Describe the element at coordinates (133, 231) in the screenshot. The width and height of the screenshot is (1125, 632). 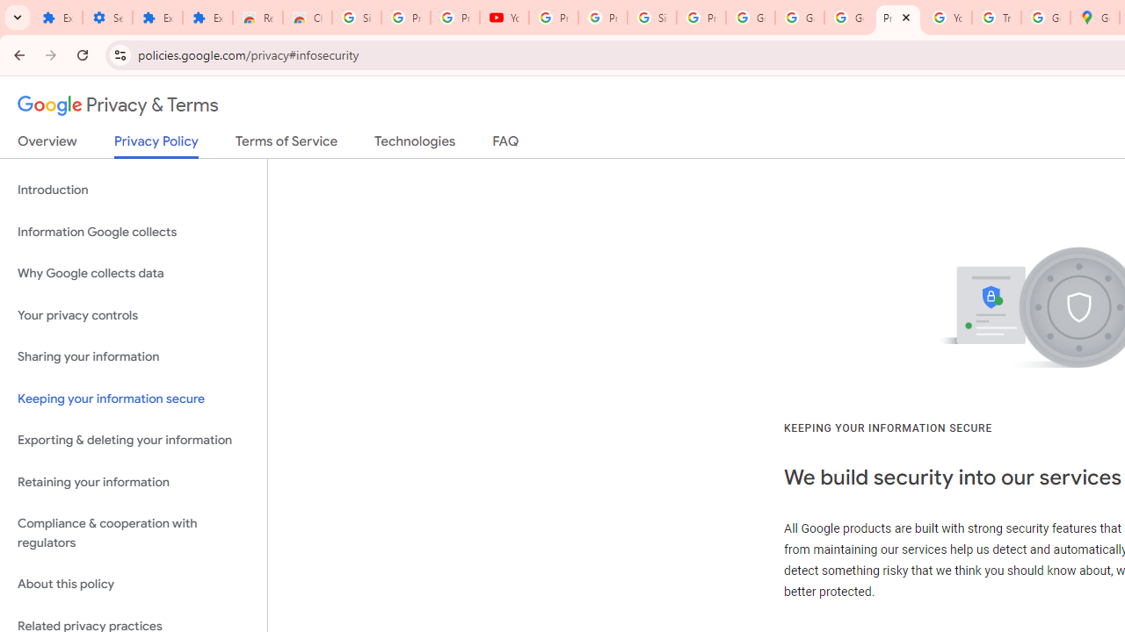
I see `'Information Google collects'` at that location.